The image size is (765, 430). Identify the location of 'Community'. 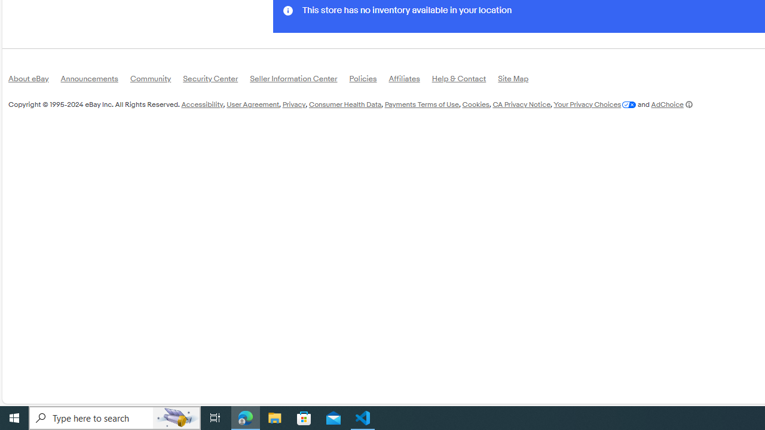
(156, 81).